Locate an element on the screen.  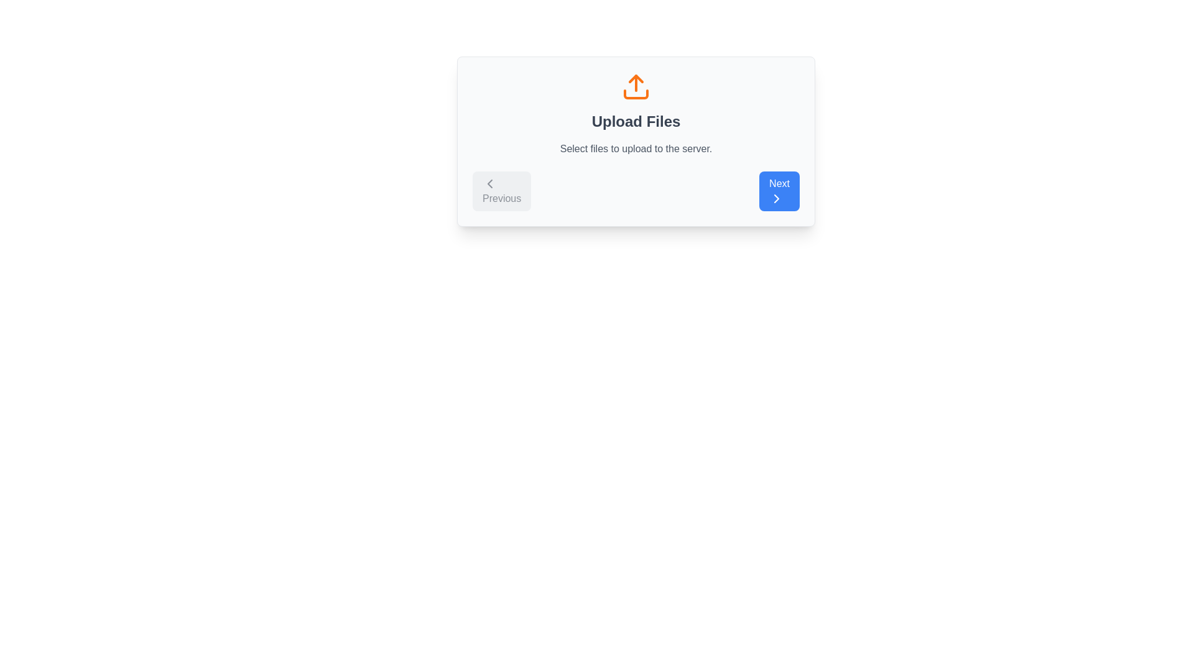
the supportive information label located below the 'Upload Files' text and above the navigation buttons, which is horizontally centered within the card is located at coordinates (636, 148).